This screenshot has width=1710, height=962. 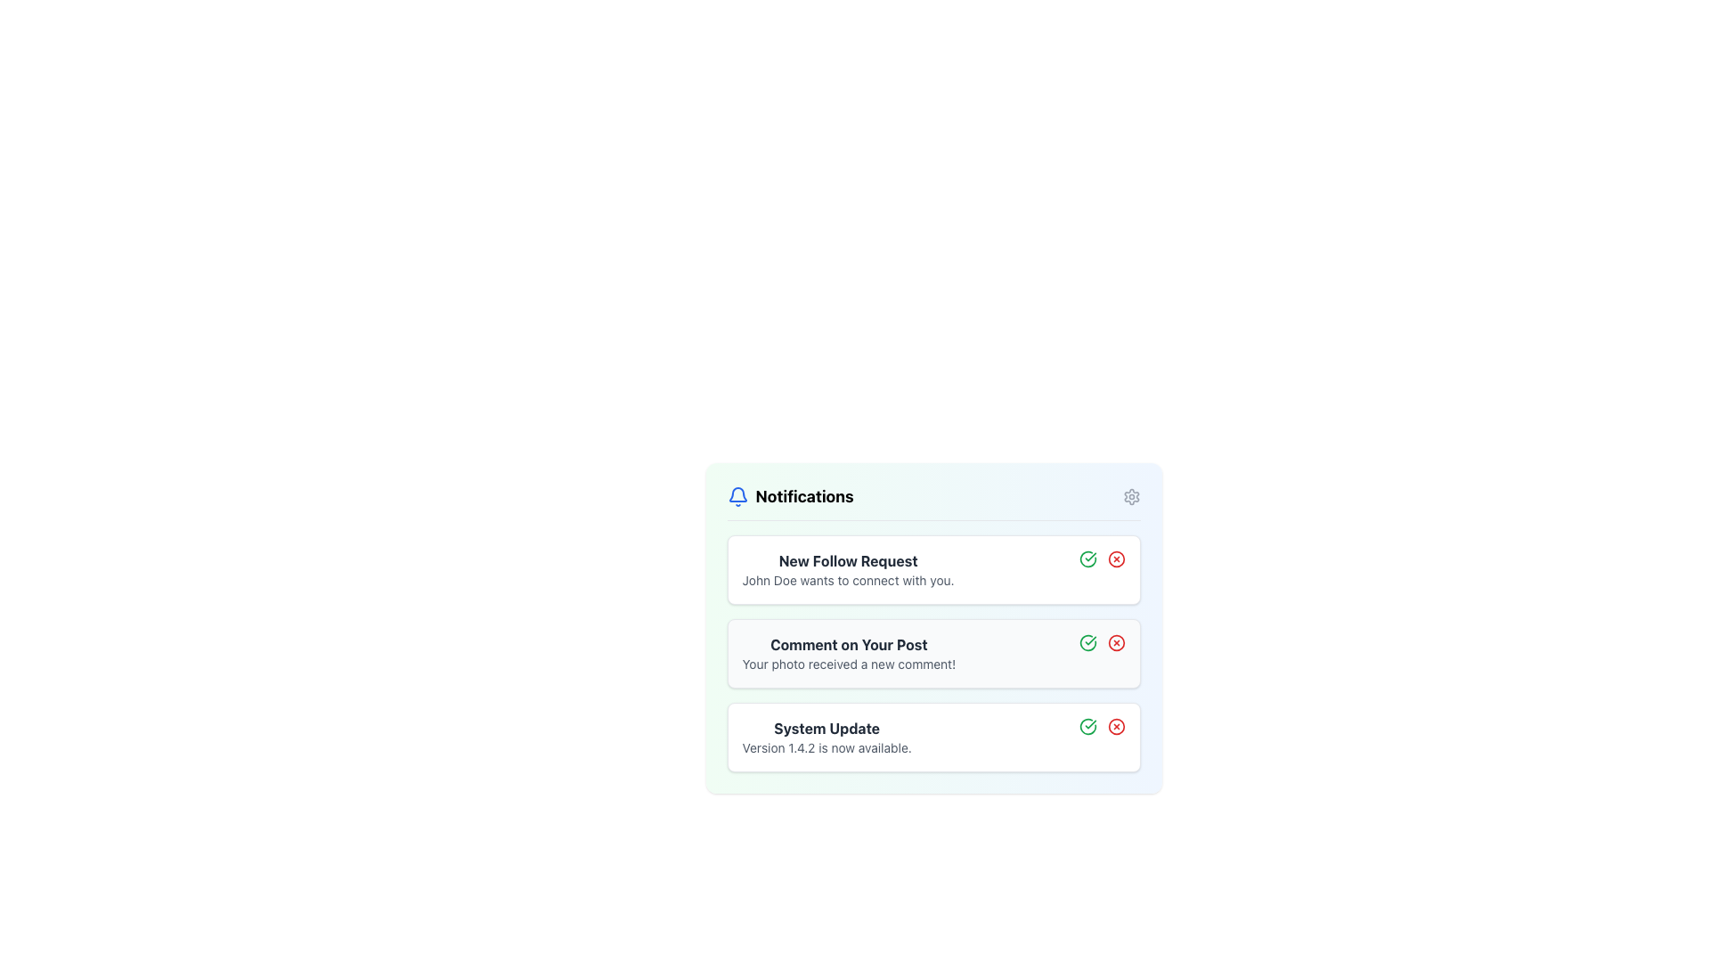 I want to click on the dismiss button located to the right of the 'Comment on Your Post' notification, so click(x=1115, y=642).